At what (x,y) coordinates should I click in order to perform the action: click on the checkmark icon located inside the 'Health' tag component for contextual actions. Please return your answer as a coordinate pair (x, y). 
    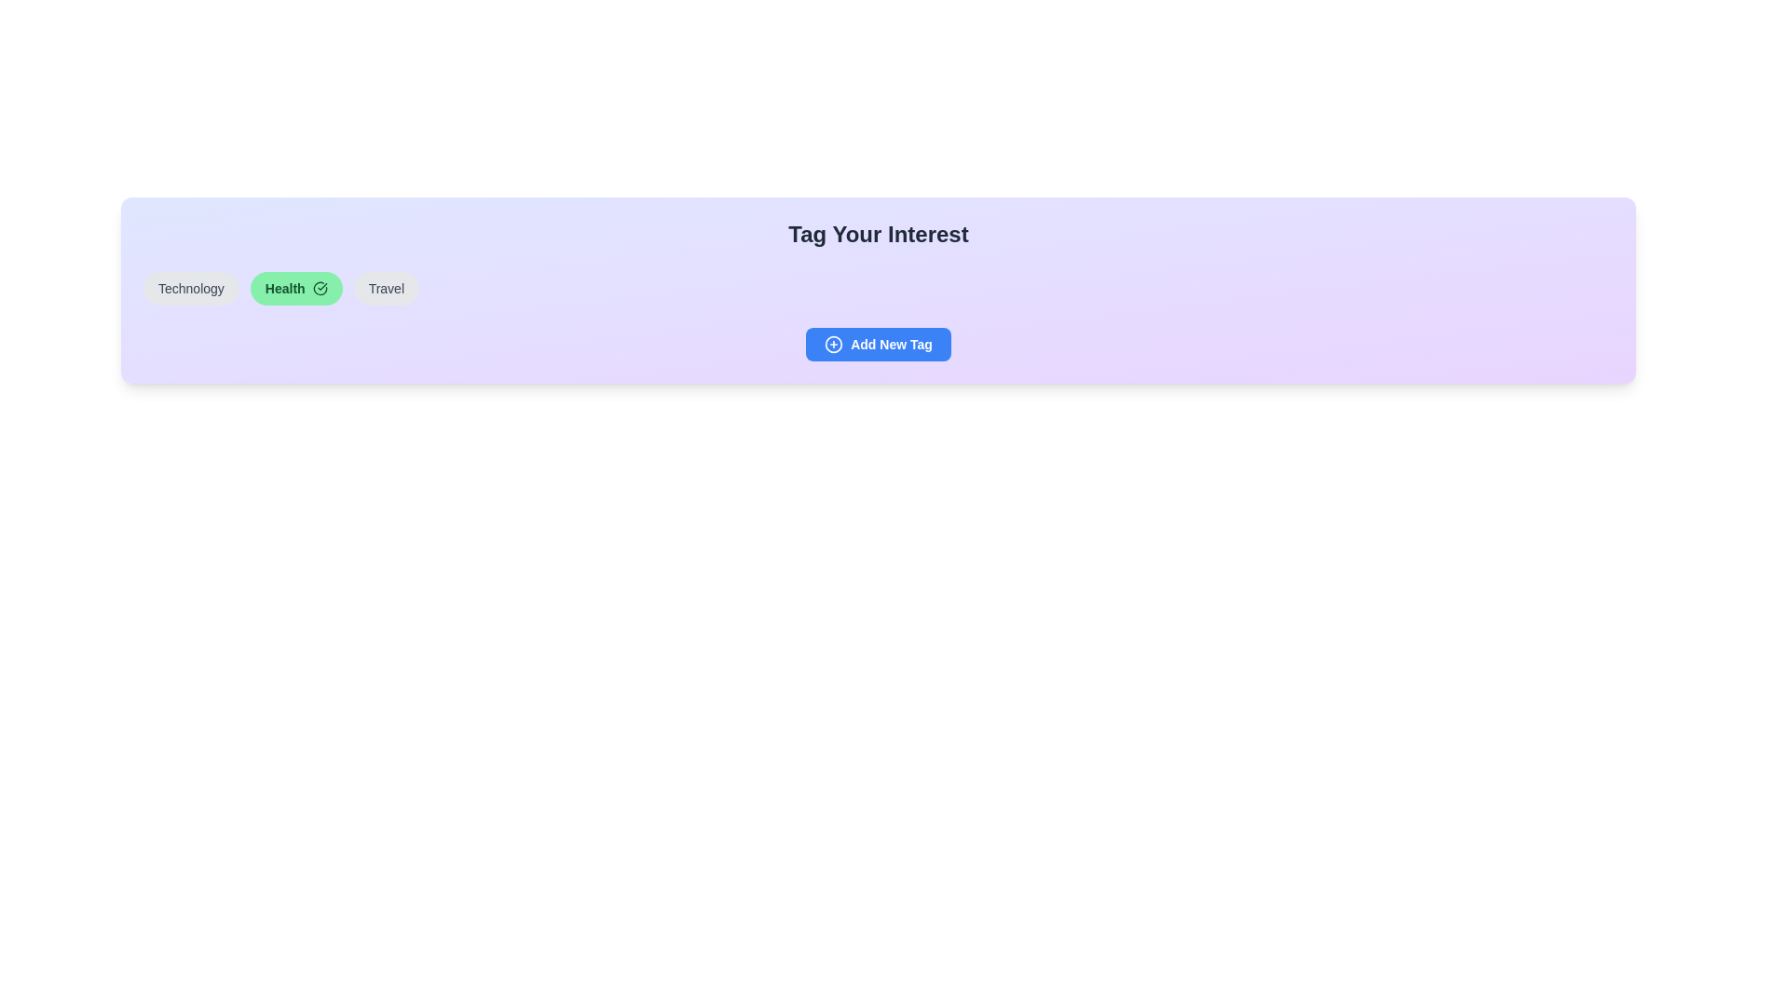
    Looking at the image, I should click on (320, 288).